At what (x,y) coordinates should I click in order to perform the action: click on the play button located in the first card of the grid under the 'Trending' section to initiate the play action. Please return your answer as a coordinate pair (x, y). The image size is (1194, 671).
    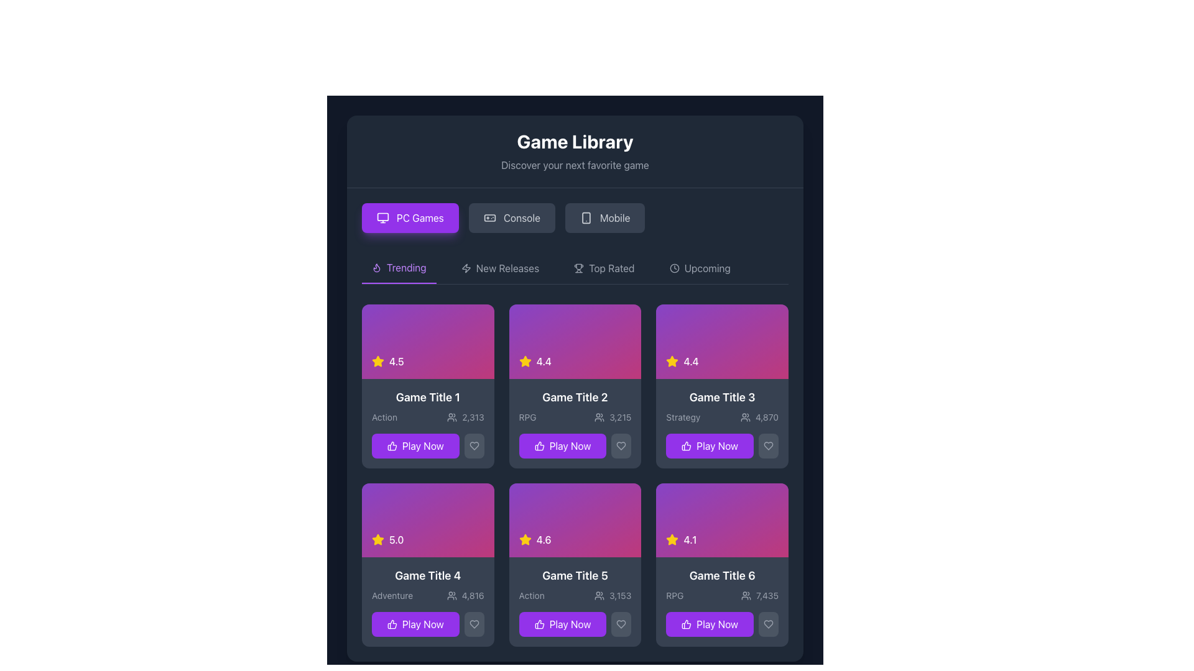
    Looking at the image, I should click on (415, 445).